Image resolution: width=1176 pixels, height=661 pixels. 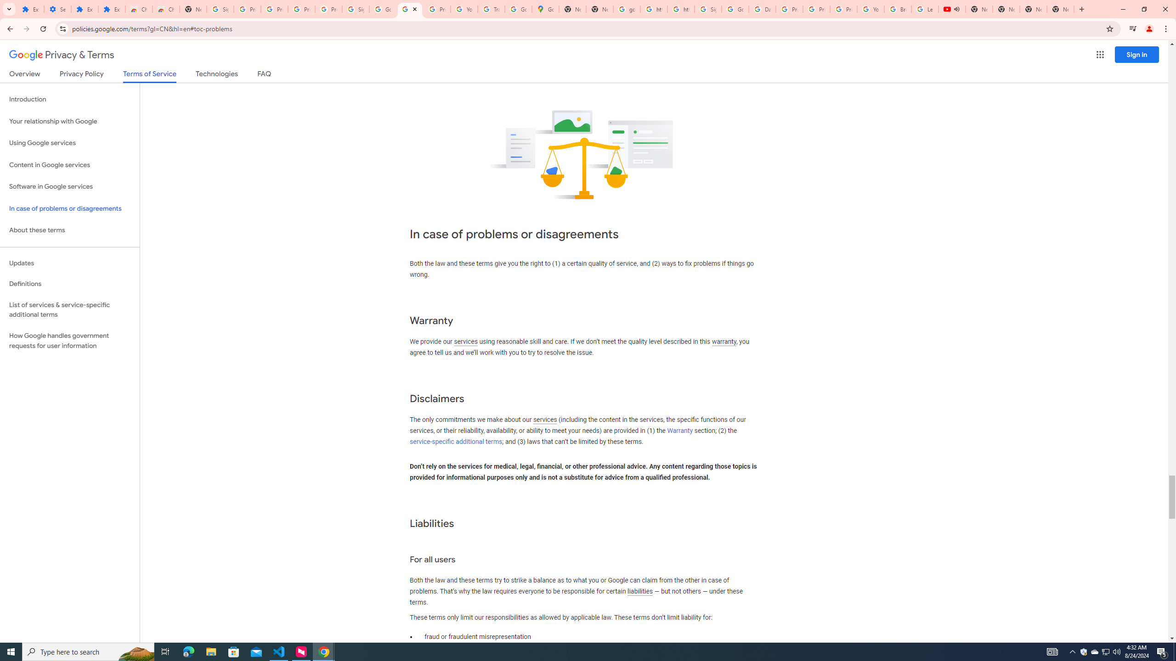 I want to click on 'Extensions', so click(x=111, y=9).